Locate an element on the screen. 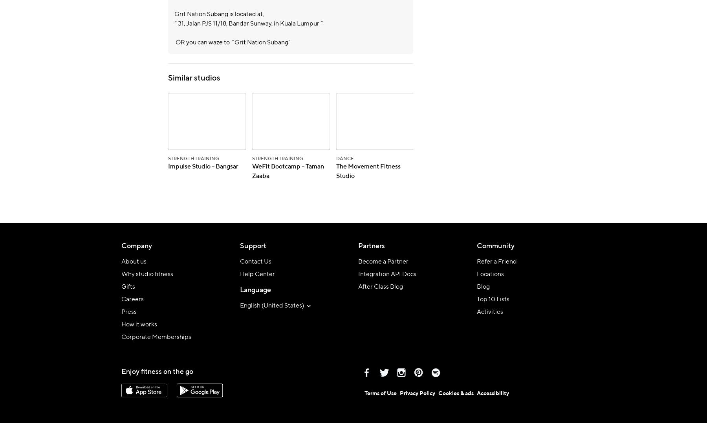 The height and width of the screenshot is (423, 707). 'Accessibility' is located at coordinates (493, 392).